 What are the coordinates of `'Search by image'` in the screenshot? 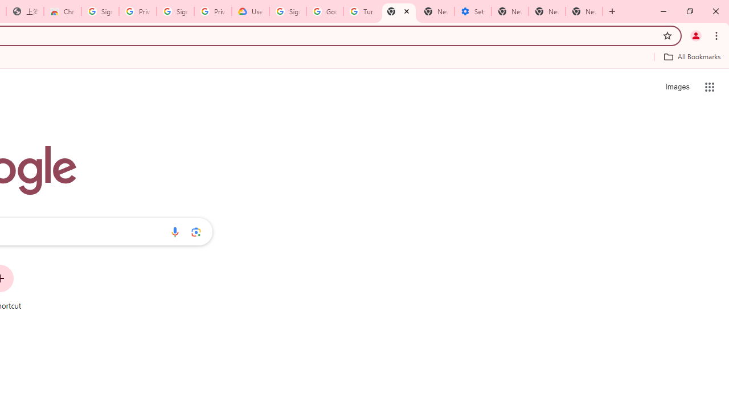 It's located at (196, 231).